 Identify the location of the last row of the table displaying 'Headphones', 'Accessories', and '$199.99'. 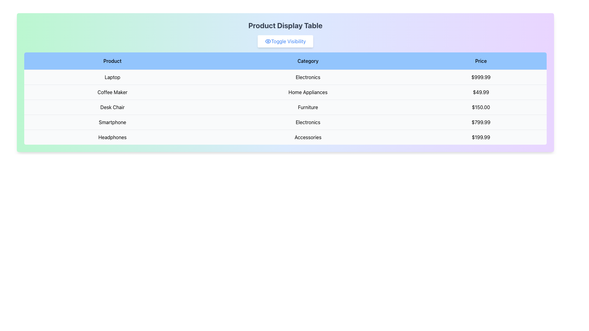
(285, 137).